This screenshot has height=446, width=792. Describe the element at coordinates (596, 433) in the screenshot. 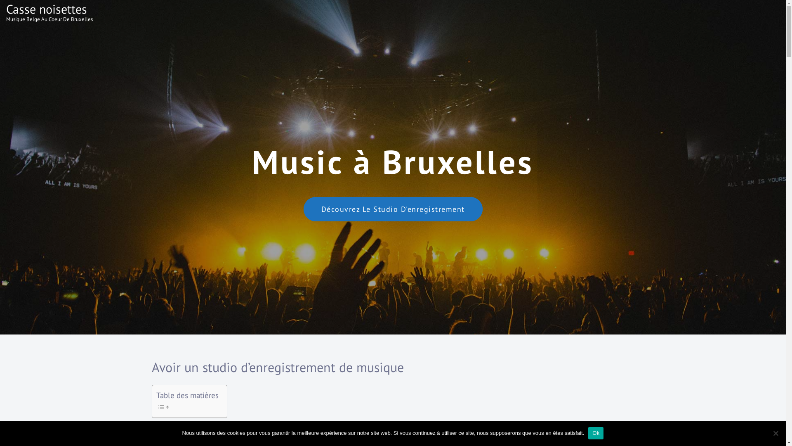

I see `'Ok'` at that location.